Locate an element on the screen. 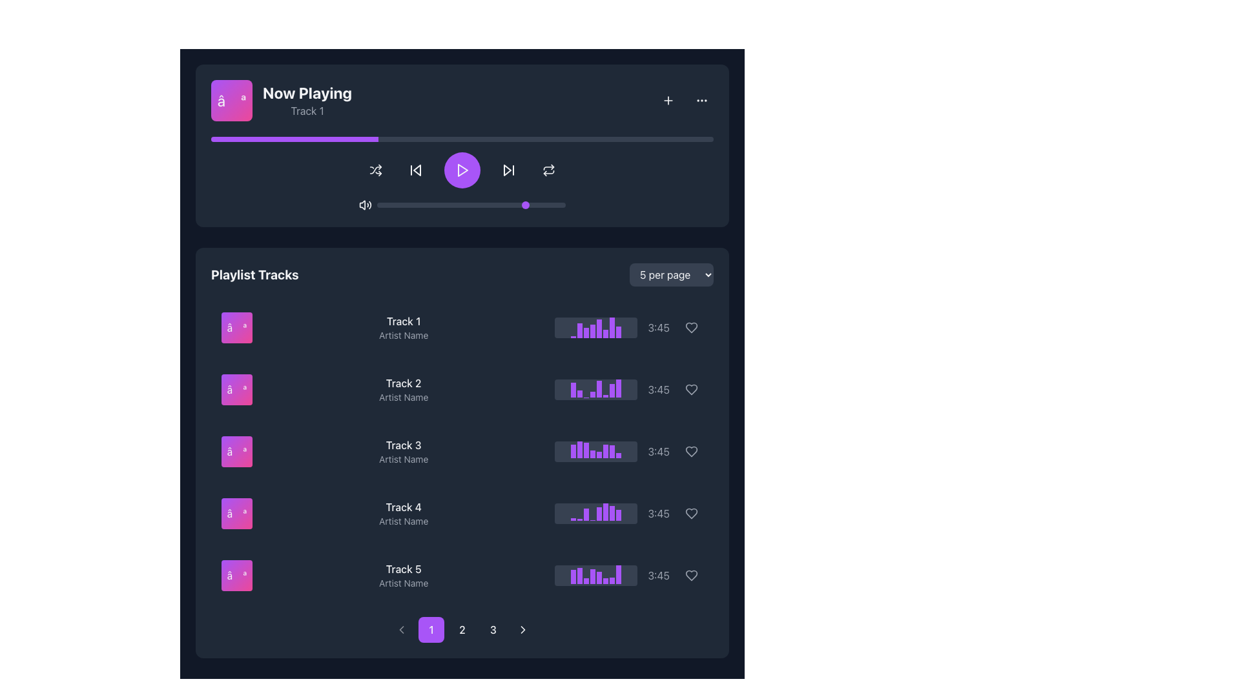  the musical note icon styled with a gradient background, which is centered within the first item in the 'Playlist Tracks' list adjacent to the text 'Track 1 - Artist Name.' is located at coordinates (236, 327).